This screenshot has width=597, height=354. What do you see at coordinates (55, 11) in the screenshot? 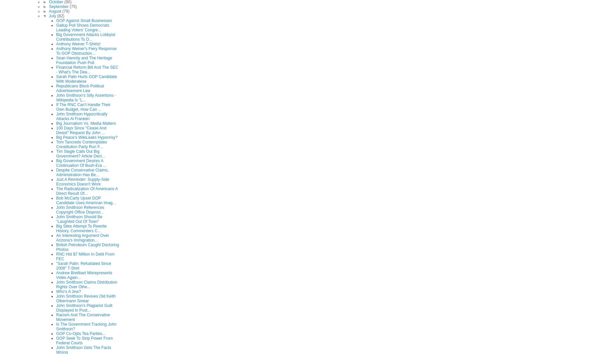
I see `'August'` at bounding box center [55, 11].